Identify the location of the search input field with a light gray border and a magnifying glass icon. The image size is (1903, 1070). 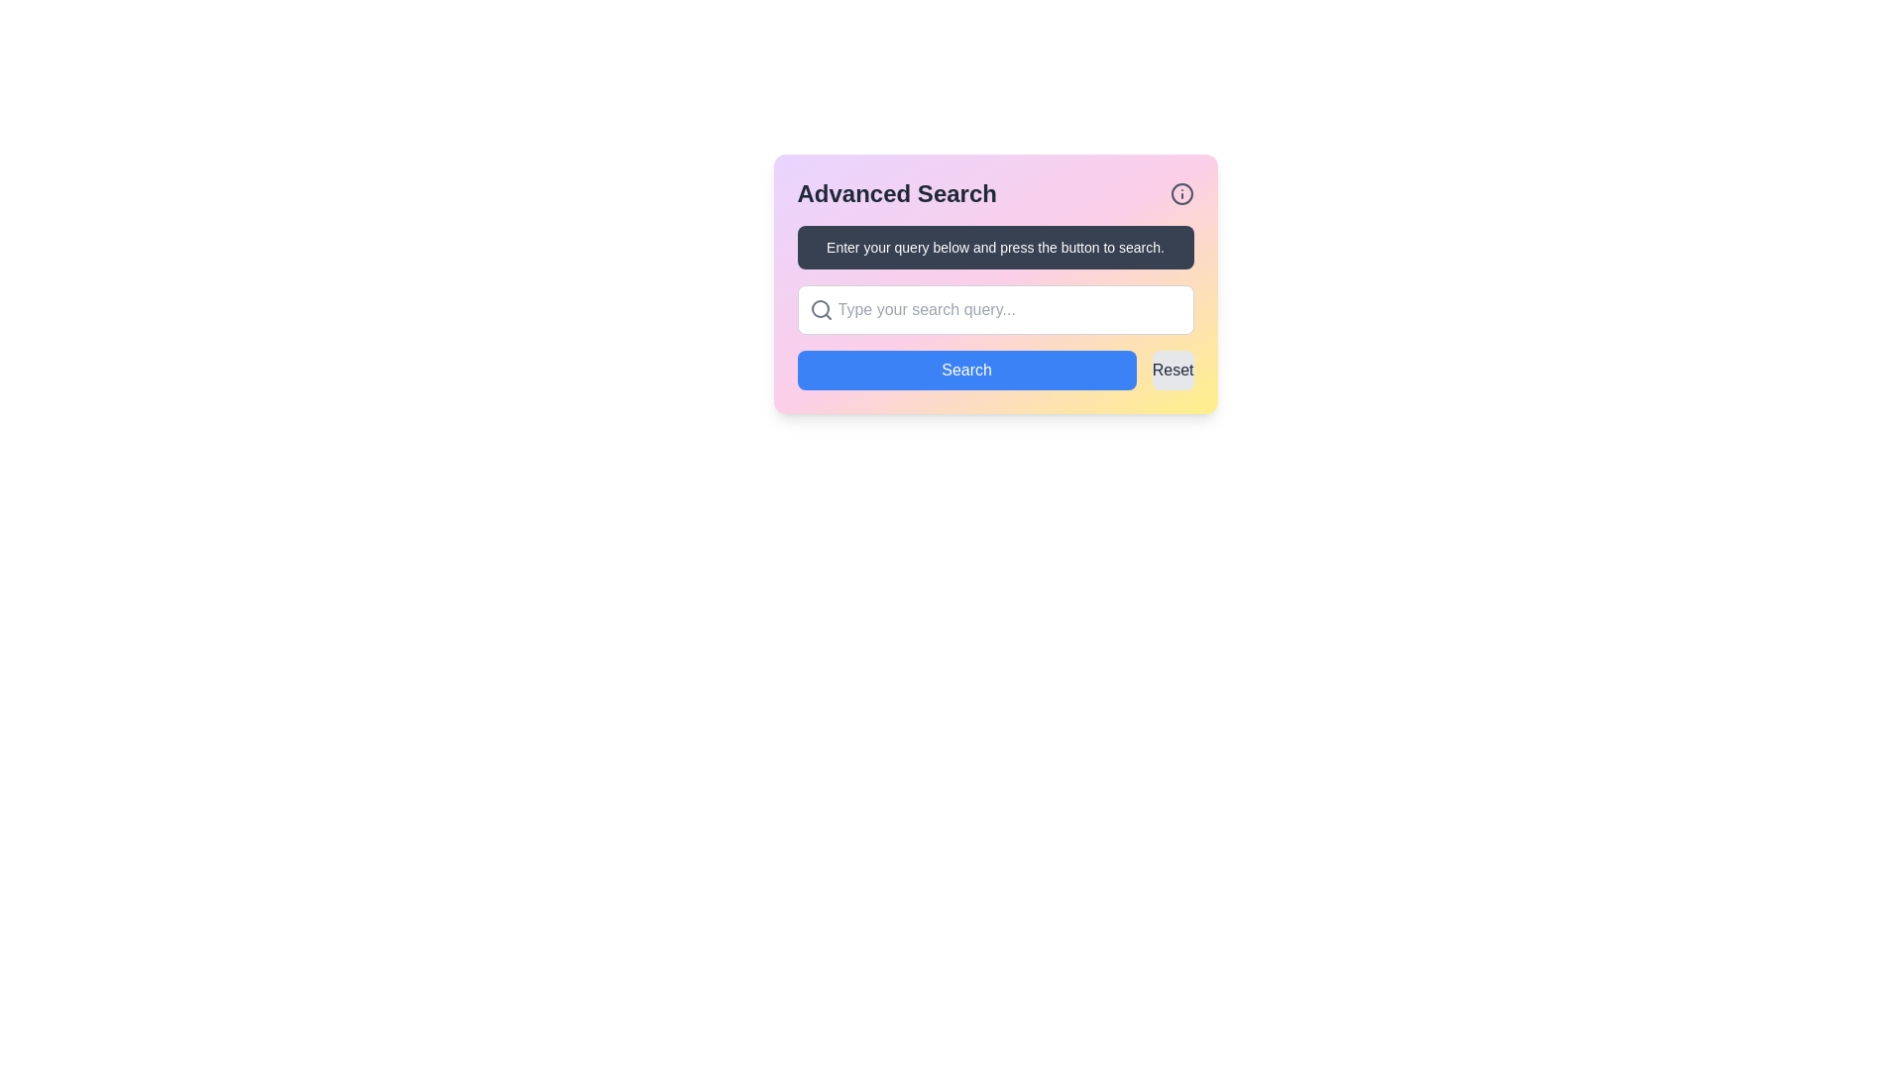
(995, 309).